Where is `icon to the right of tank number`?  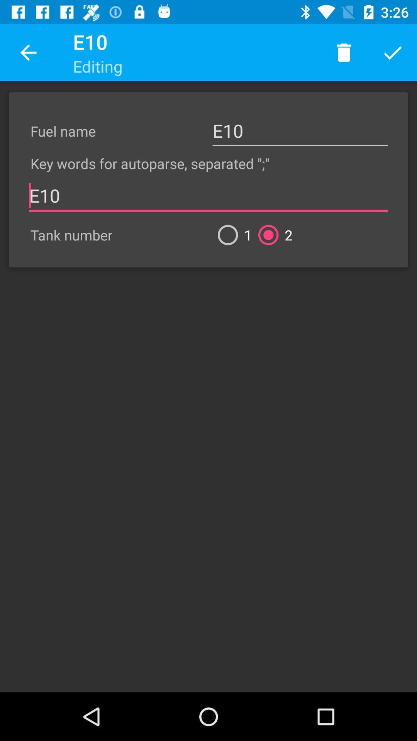
icon to the right of tank number is located at coordinates (231, 235).